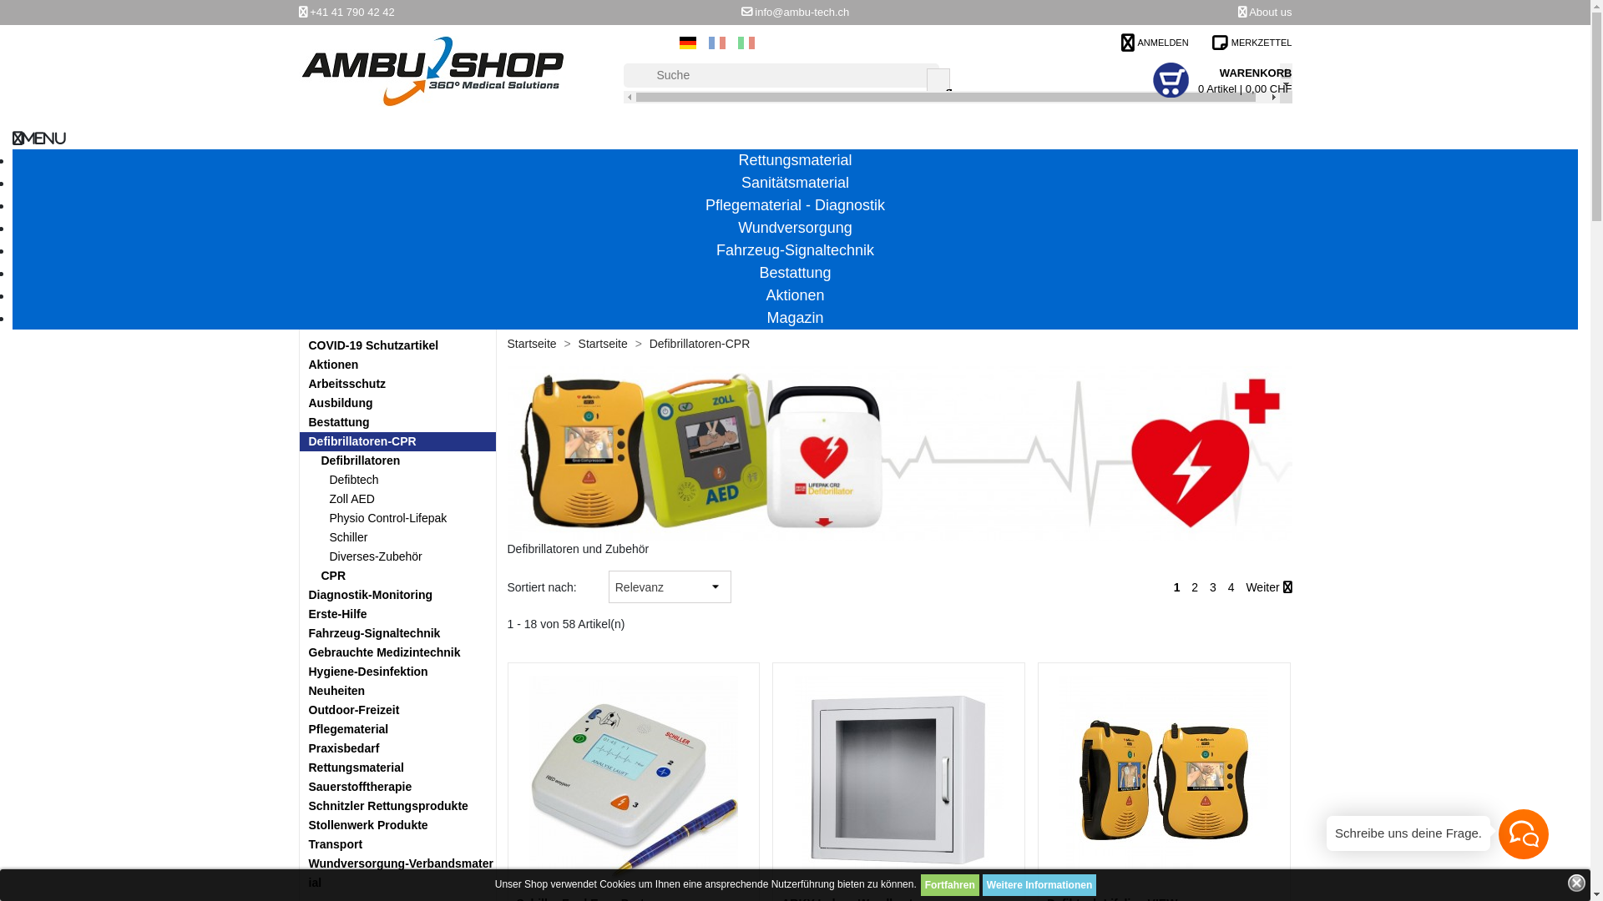 This screenshot has width=1603, height=901. I want to click on 'MENU', so click(39, 138).